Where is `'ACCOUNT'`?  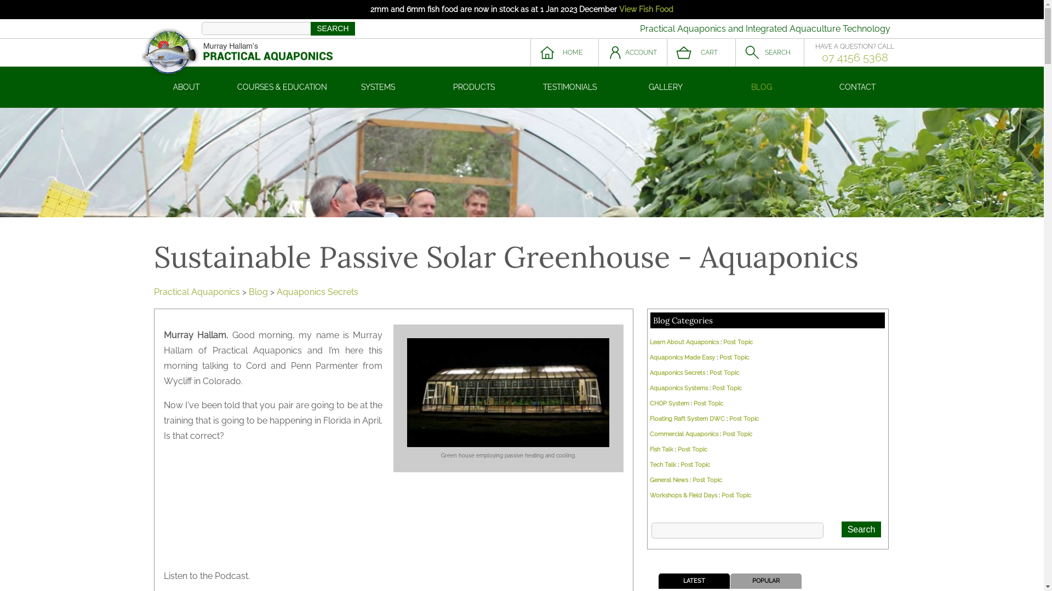 'ACCOUNT' is located at coordinates (632, 53).